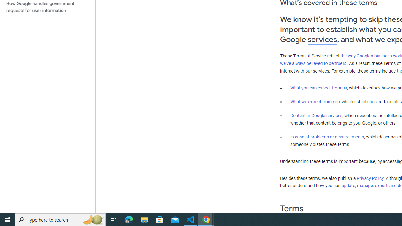 The width and height of the screenshot is (402, 226). What do you see at coordinates (327, 136) in the screenshot?
I see `'In case of problems or disagreements'` at bounding box center [327, 136].